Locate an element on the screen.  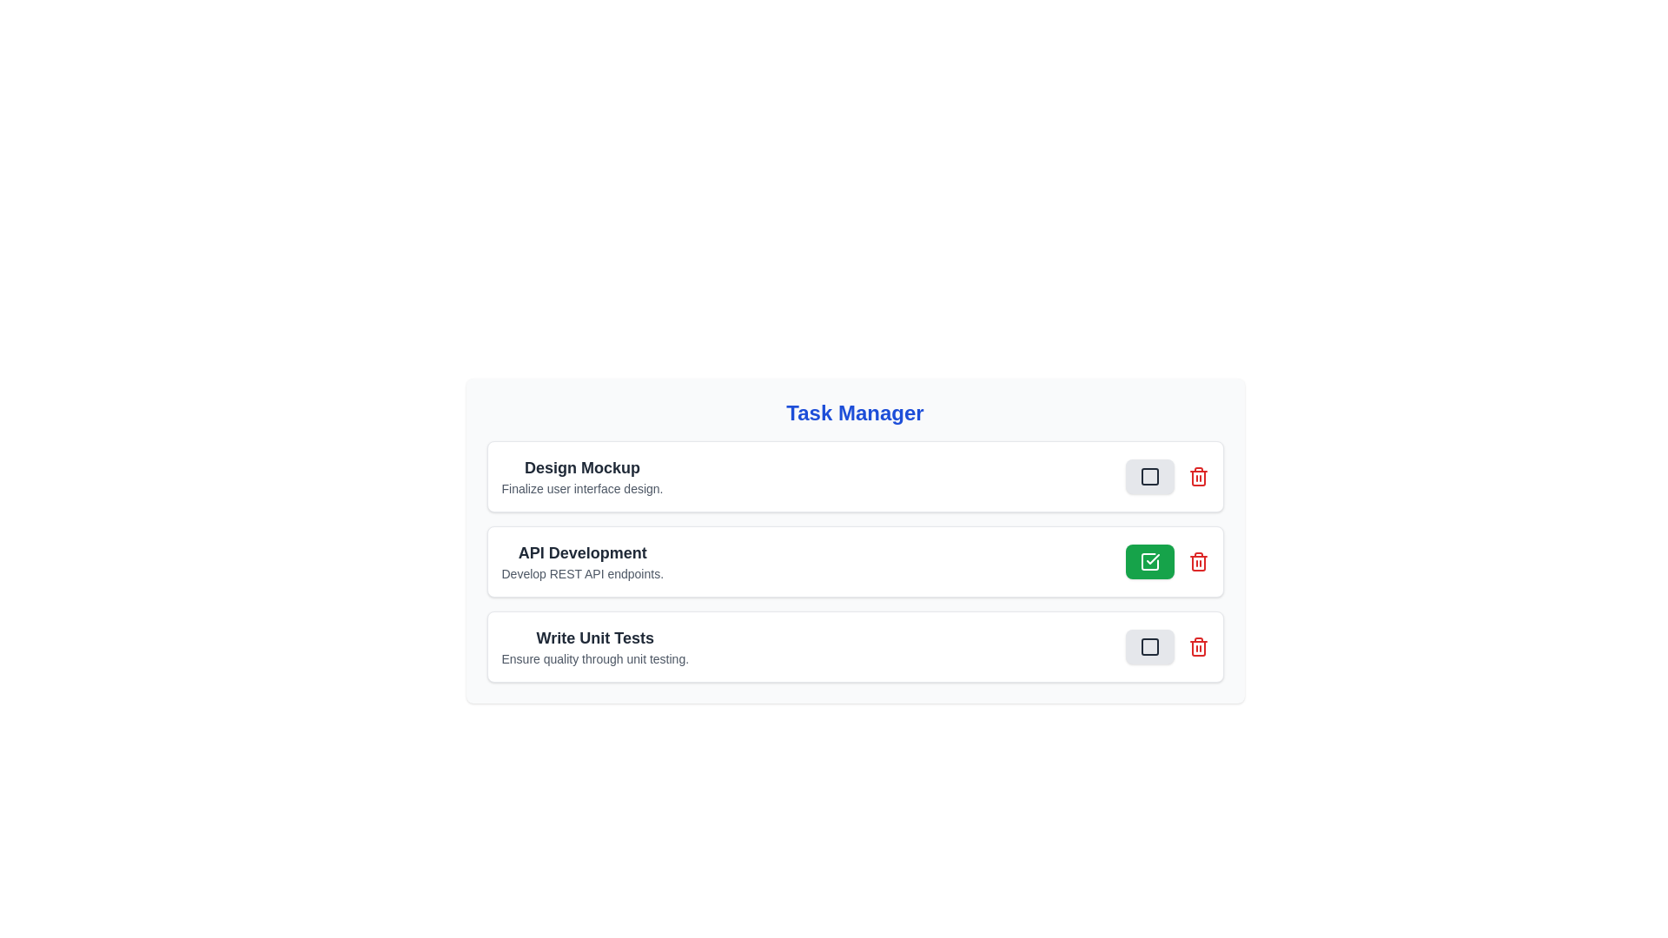
the task header for 'Develop REST API endpoints' is located at coordinates (582, 552).